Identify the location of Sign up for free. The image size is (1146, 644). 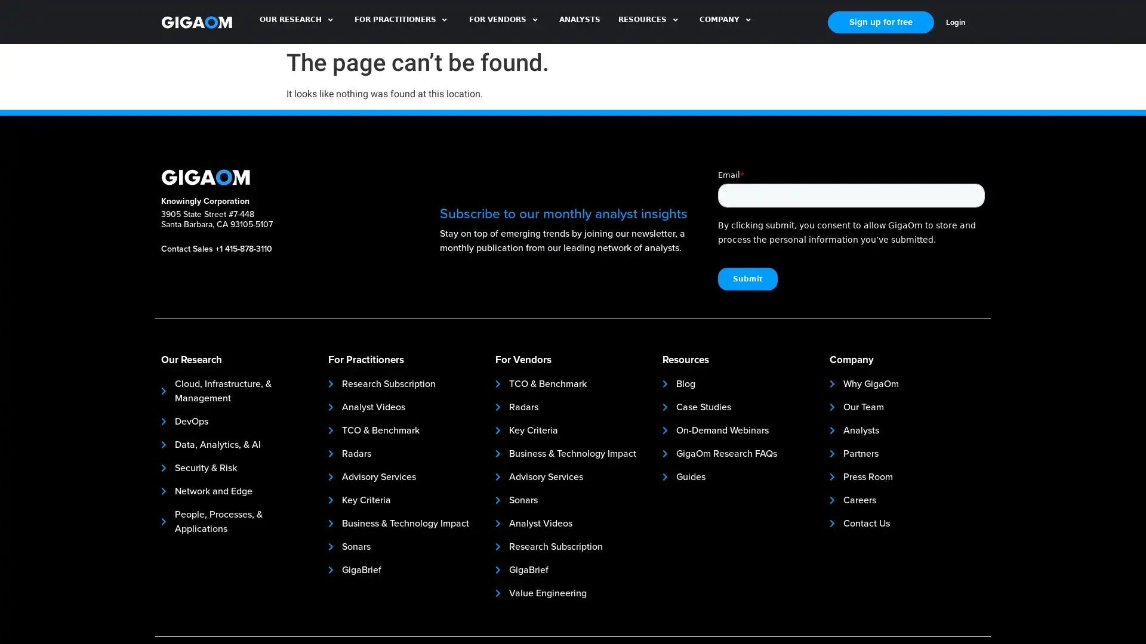
(881, 21).